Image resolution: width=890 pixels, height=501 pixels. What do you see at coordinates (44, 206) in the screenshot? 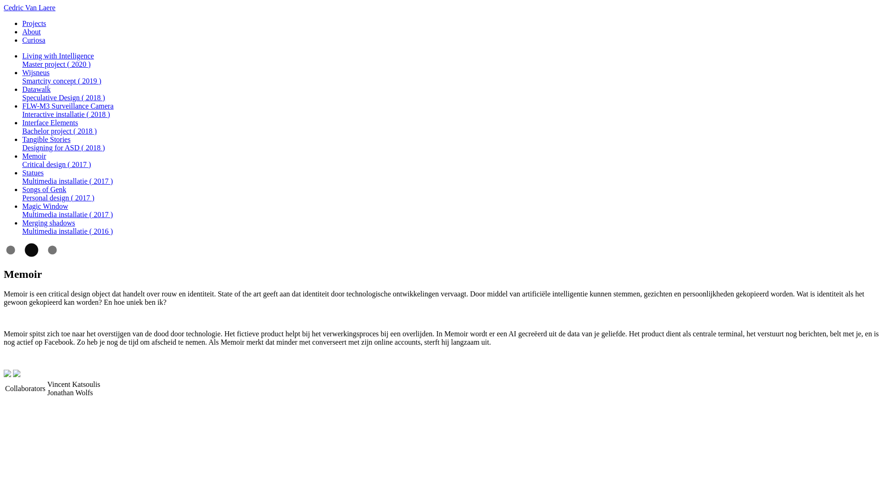
I see `'Magic Window'` at bounding box center [44, 206].